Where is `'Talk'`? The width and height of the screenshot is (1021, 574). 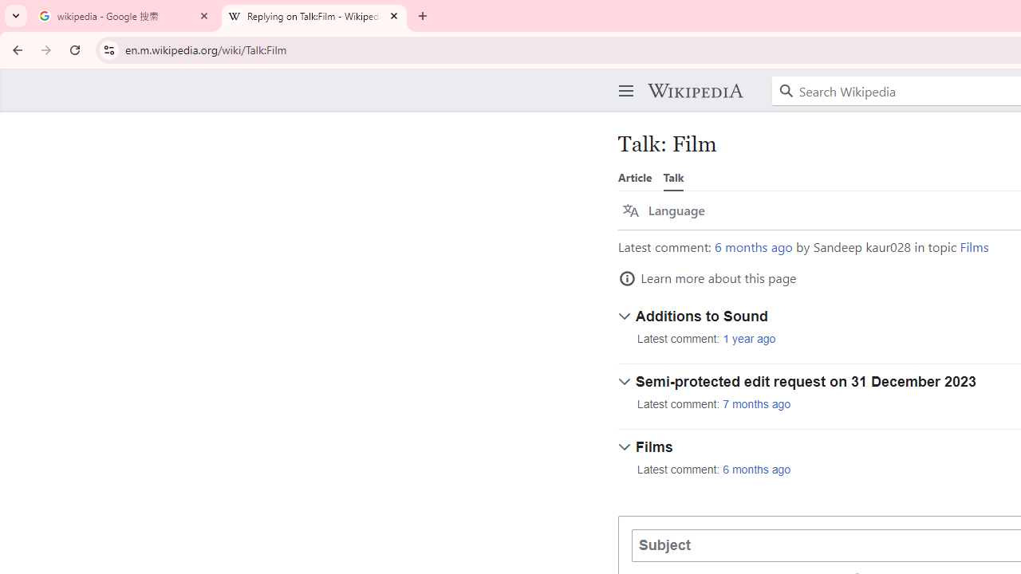
'Talk' is located at coordinates (673, 177).